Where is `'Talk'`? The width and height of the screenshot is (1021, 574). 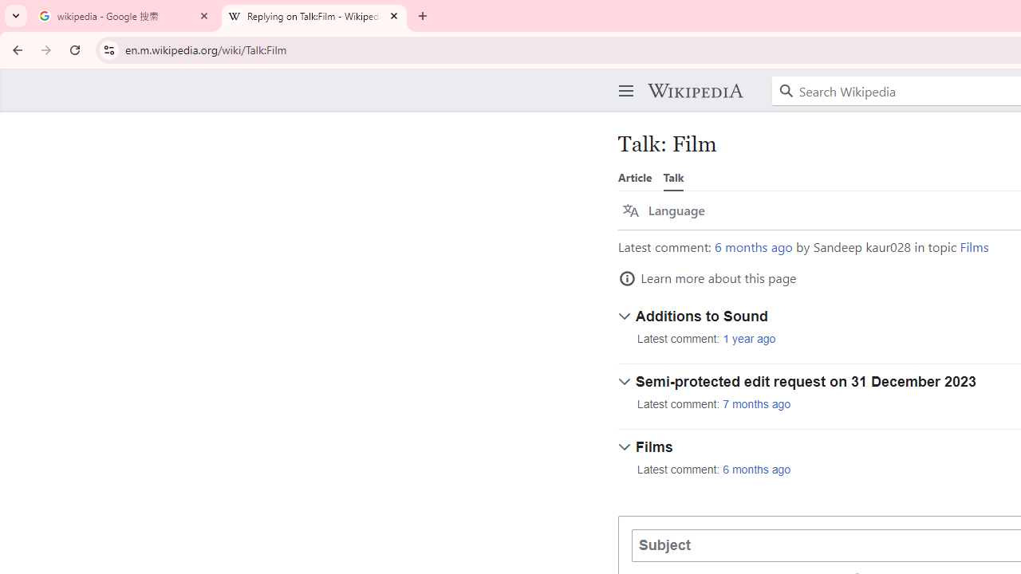
'Talk' is located at coordinates (673, 177).